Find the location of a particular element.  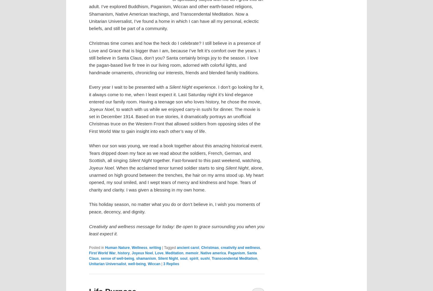

'Human Nature' is located at coordinates (117, 247).